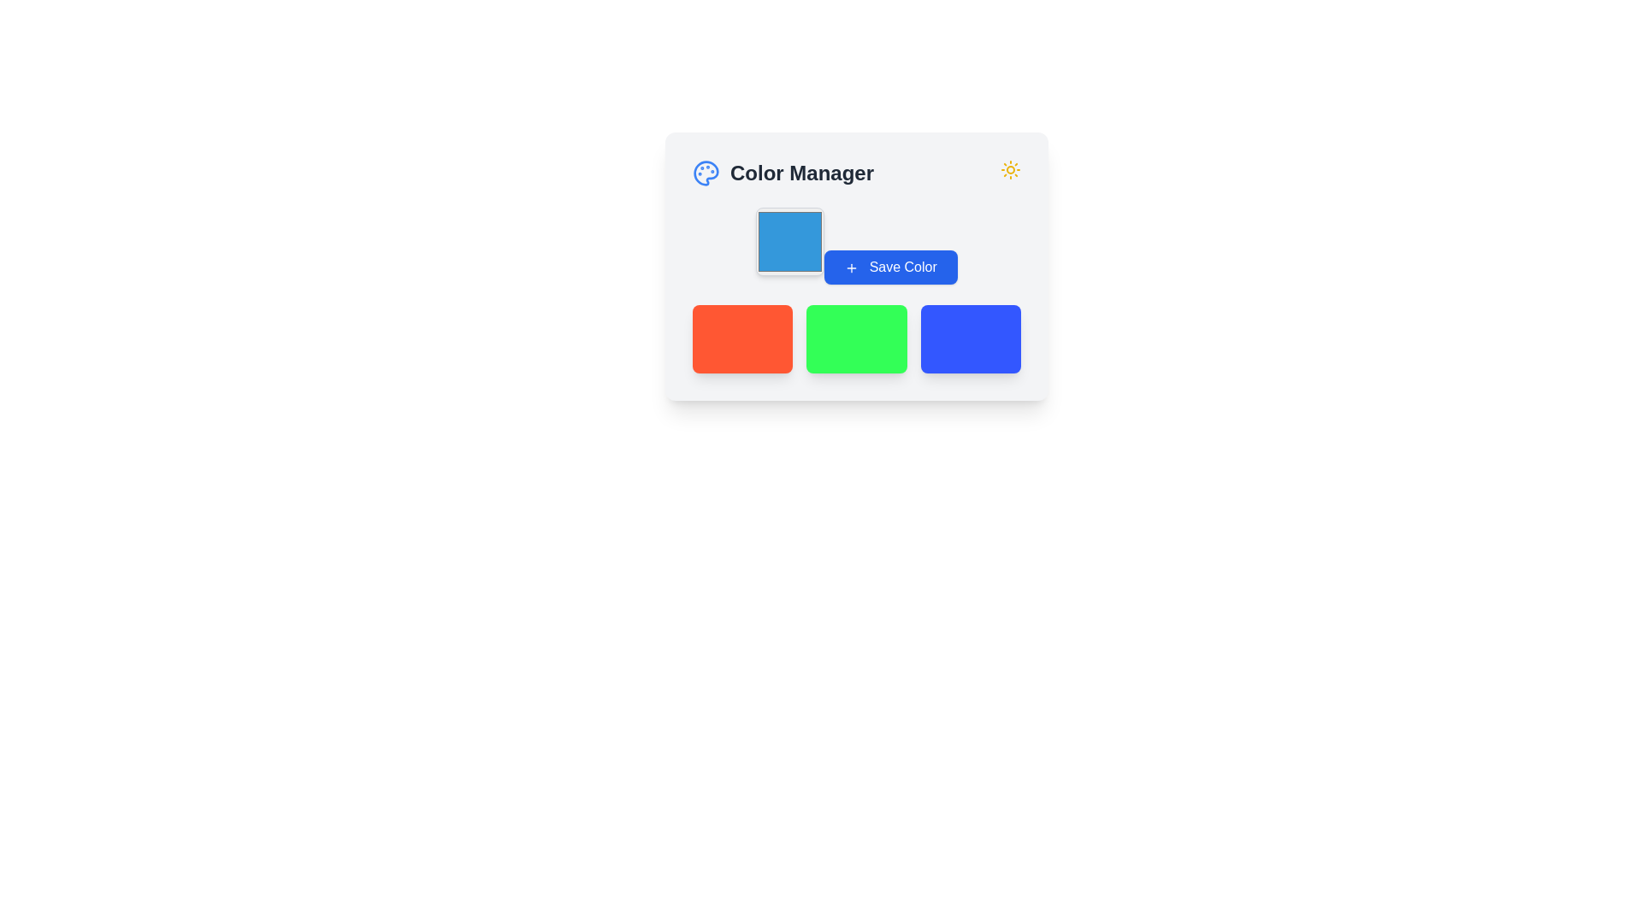 Image resolution: width=1642 pixels, height=923 pixels. I want to click on the static text label displaying 'Color Manager', which is styled in a large, bold font and located next to a color palette icon on the left side, so click(801, 173).